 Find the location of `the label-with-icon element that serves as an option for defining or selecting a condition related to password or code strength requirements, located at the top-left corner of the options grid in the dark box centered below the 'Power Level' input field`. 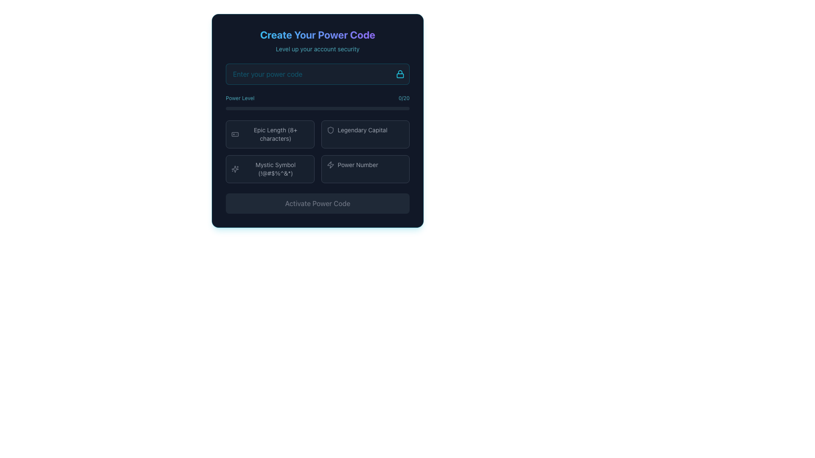

the label-with-icon element that serves as an option for defining or selecting a condition related to password or code strength requirements, located at the top-left corner of the options grid in the dark box centered below the 'Power Level' input field is located at coordinates (270, 134).